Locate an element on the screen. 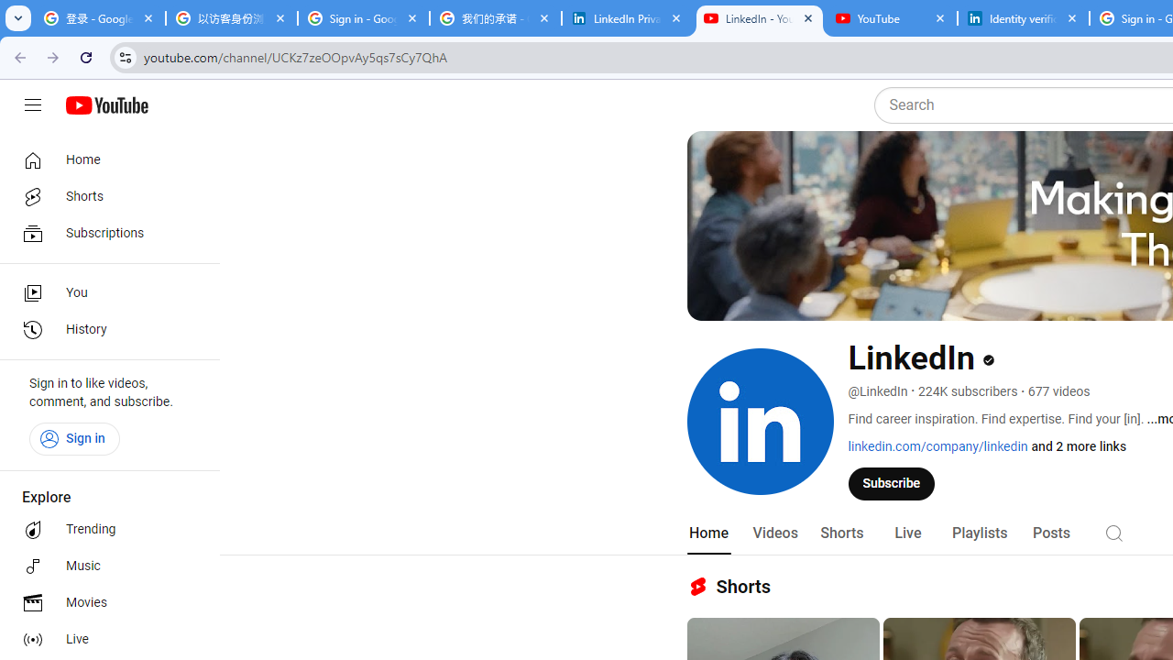 Image resolution: width=1173 pixels, height=660 pixels. 'Playlists' is located at coordinates (978, 533).